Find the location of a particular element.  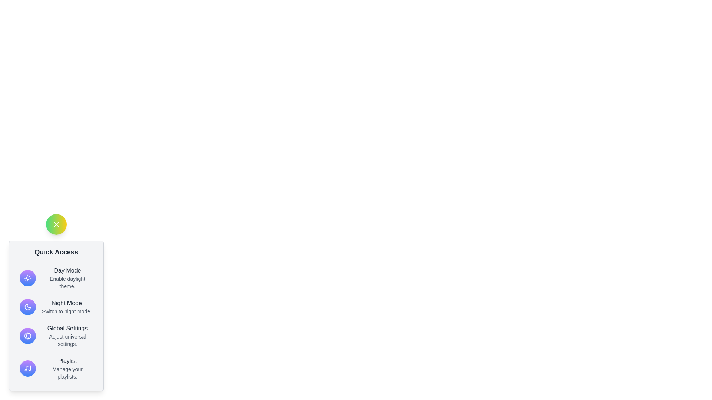

floating button to toggle the menu visibility is located at coordinates (56, 224).